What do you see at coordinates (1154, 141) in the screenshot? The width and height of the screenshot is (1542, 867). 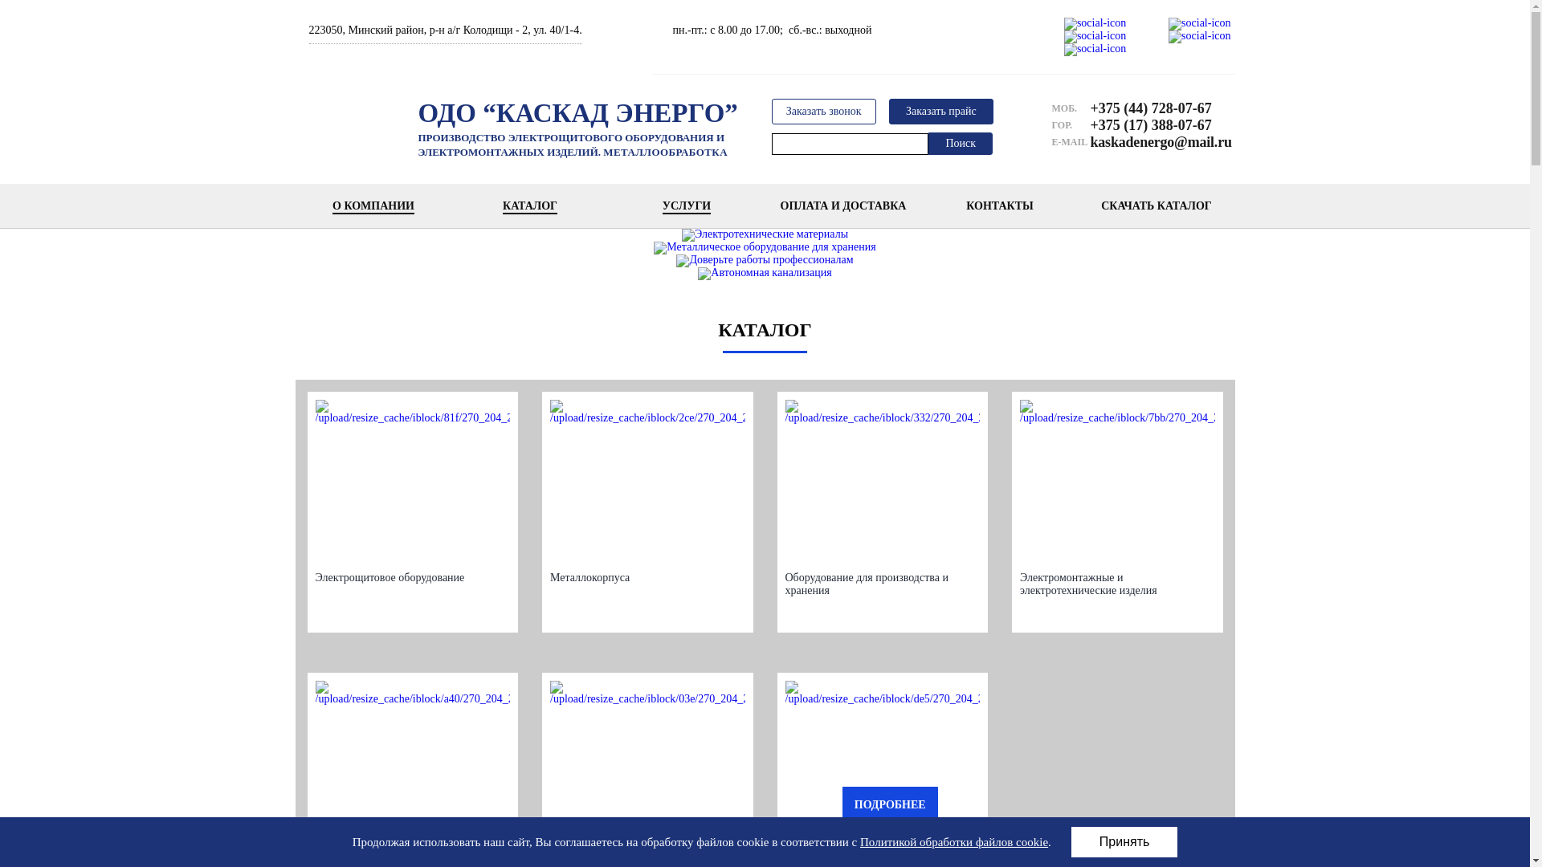 I see `'kaskadenergo@mail.ru'` at bounding box center [1154, 141].